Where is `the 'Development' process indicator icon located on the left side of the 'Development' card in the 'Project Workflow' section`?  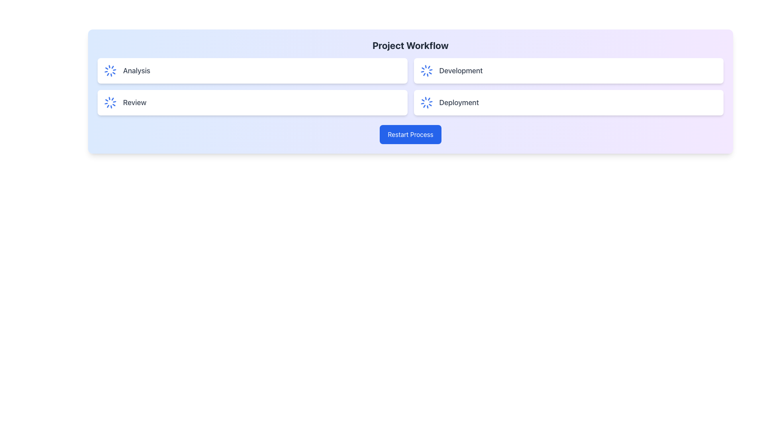 the 'Development' process indicator icon located on the left side of the 'Development' card in the 'Project Workflow' section is located at coordinates (426, 70).